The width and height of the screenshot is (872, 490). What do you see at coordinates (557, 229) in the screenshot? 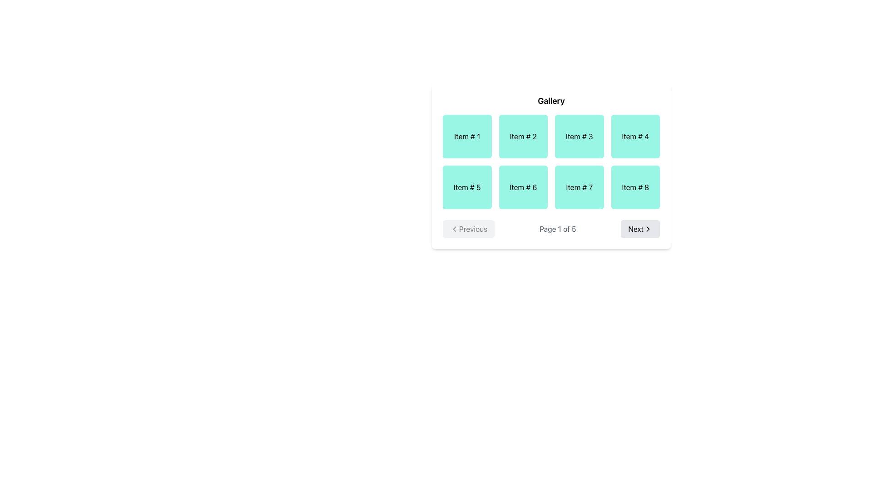
I see `the text element displaying 'Page 1 of 5' located centrally in the navigation bar at the bottom of the content section, positioned between the 'Previous' and 'Next' buttons` at bounding box center [557, 229].